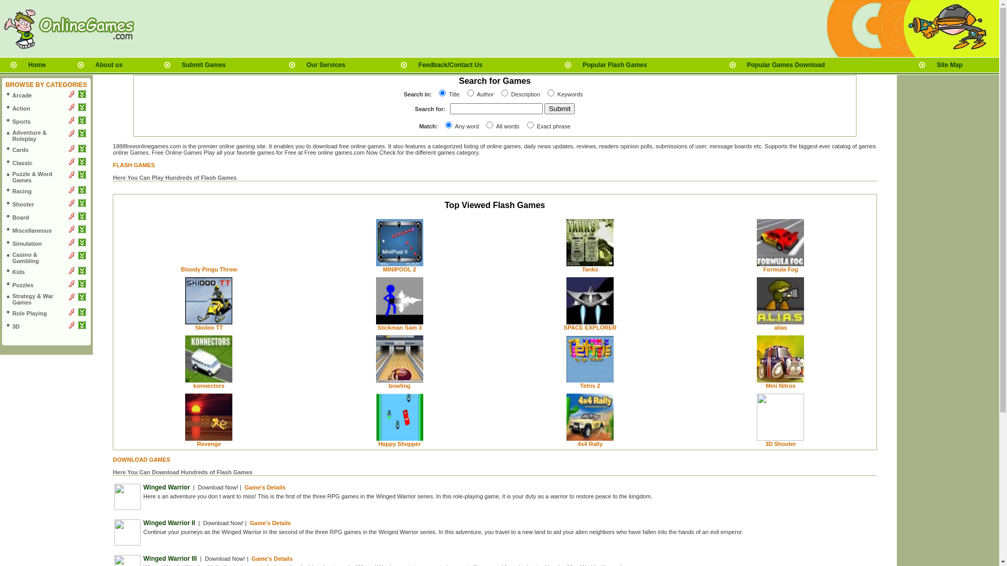 The width and height of the screenshot is (1007, 566). Describe the element at coordinates (141, 459) in the screenshot. I see `'DOWNLOAD GAMES'` at that location.